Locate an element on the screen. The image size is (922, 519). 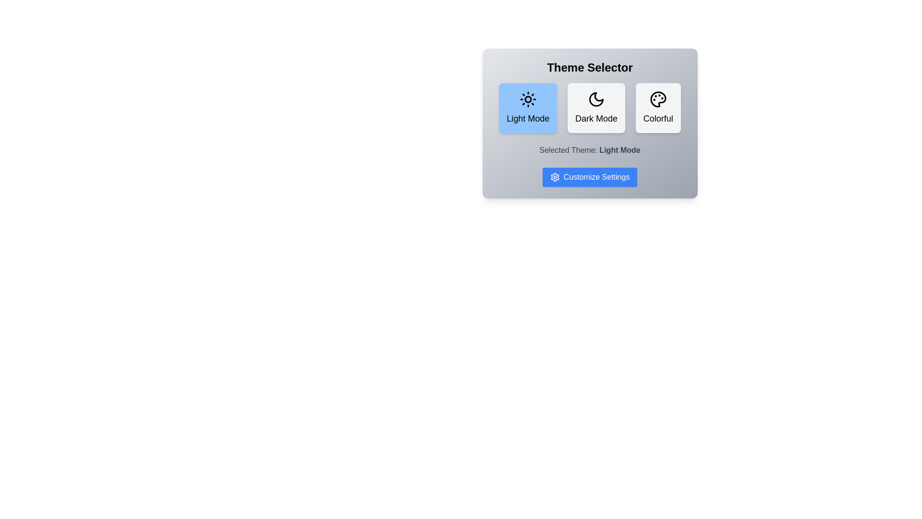
the theme button to select Light Mode is located at coordinates (527, 108).